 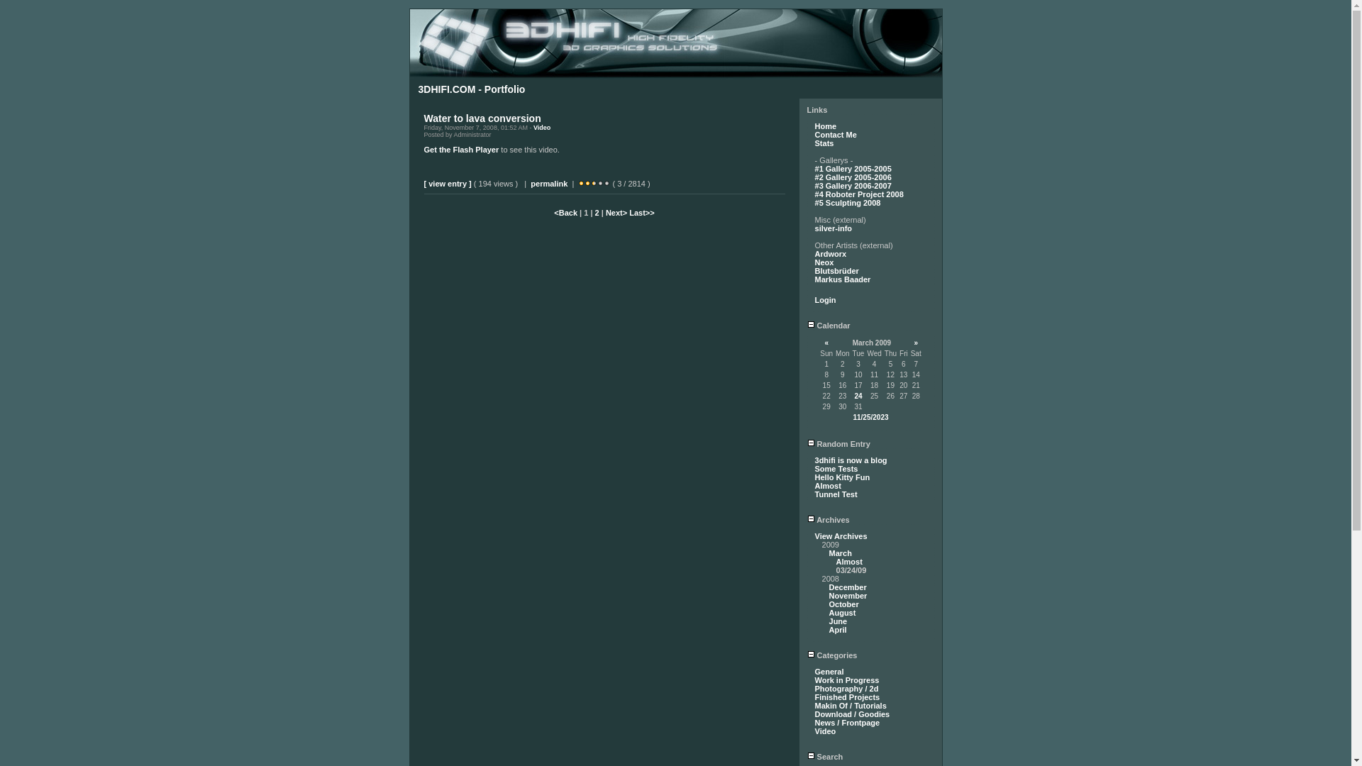 What do you see at coordinates (541, 128) in the screenshot?
I see `'Video'` at bounding box center [541, 128].